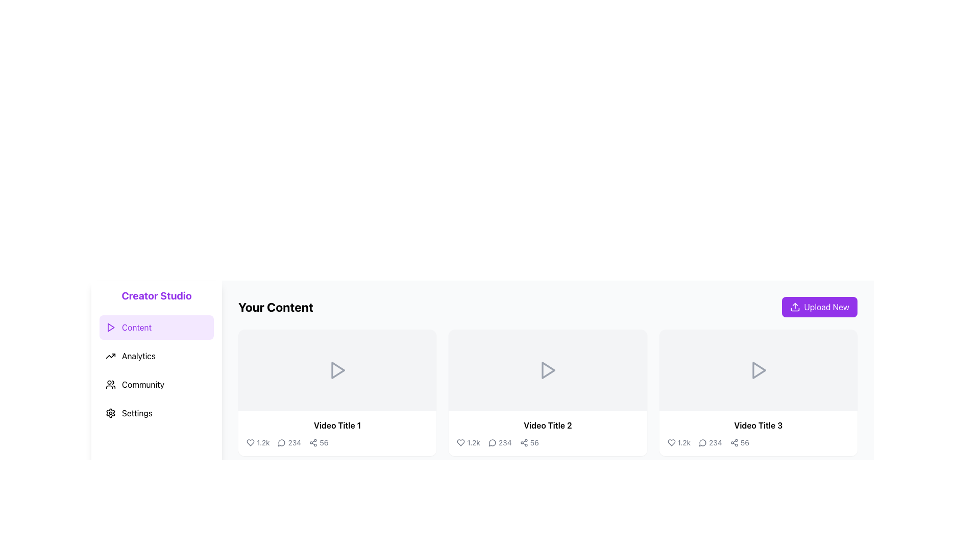  I want to click on numeric value from the text label that indicates a count or metric, located to the right of sharing option icons, so click(534, 442).